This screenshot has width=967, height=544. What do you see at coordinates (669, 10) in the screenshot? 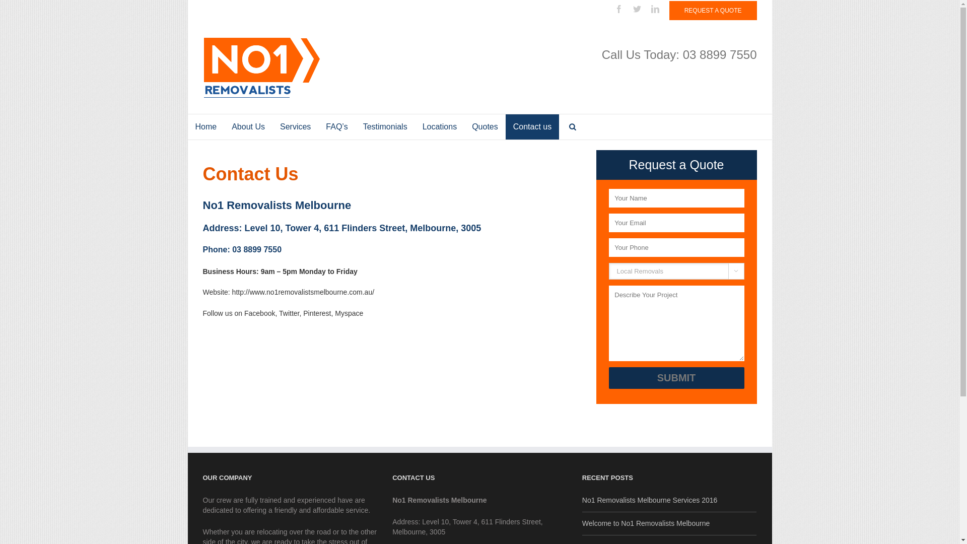
I see `'REQUEST A QUOTE'` at bounding box center [669, 10].